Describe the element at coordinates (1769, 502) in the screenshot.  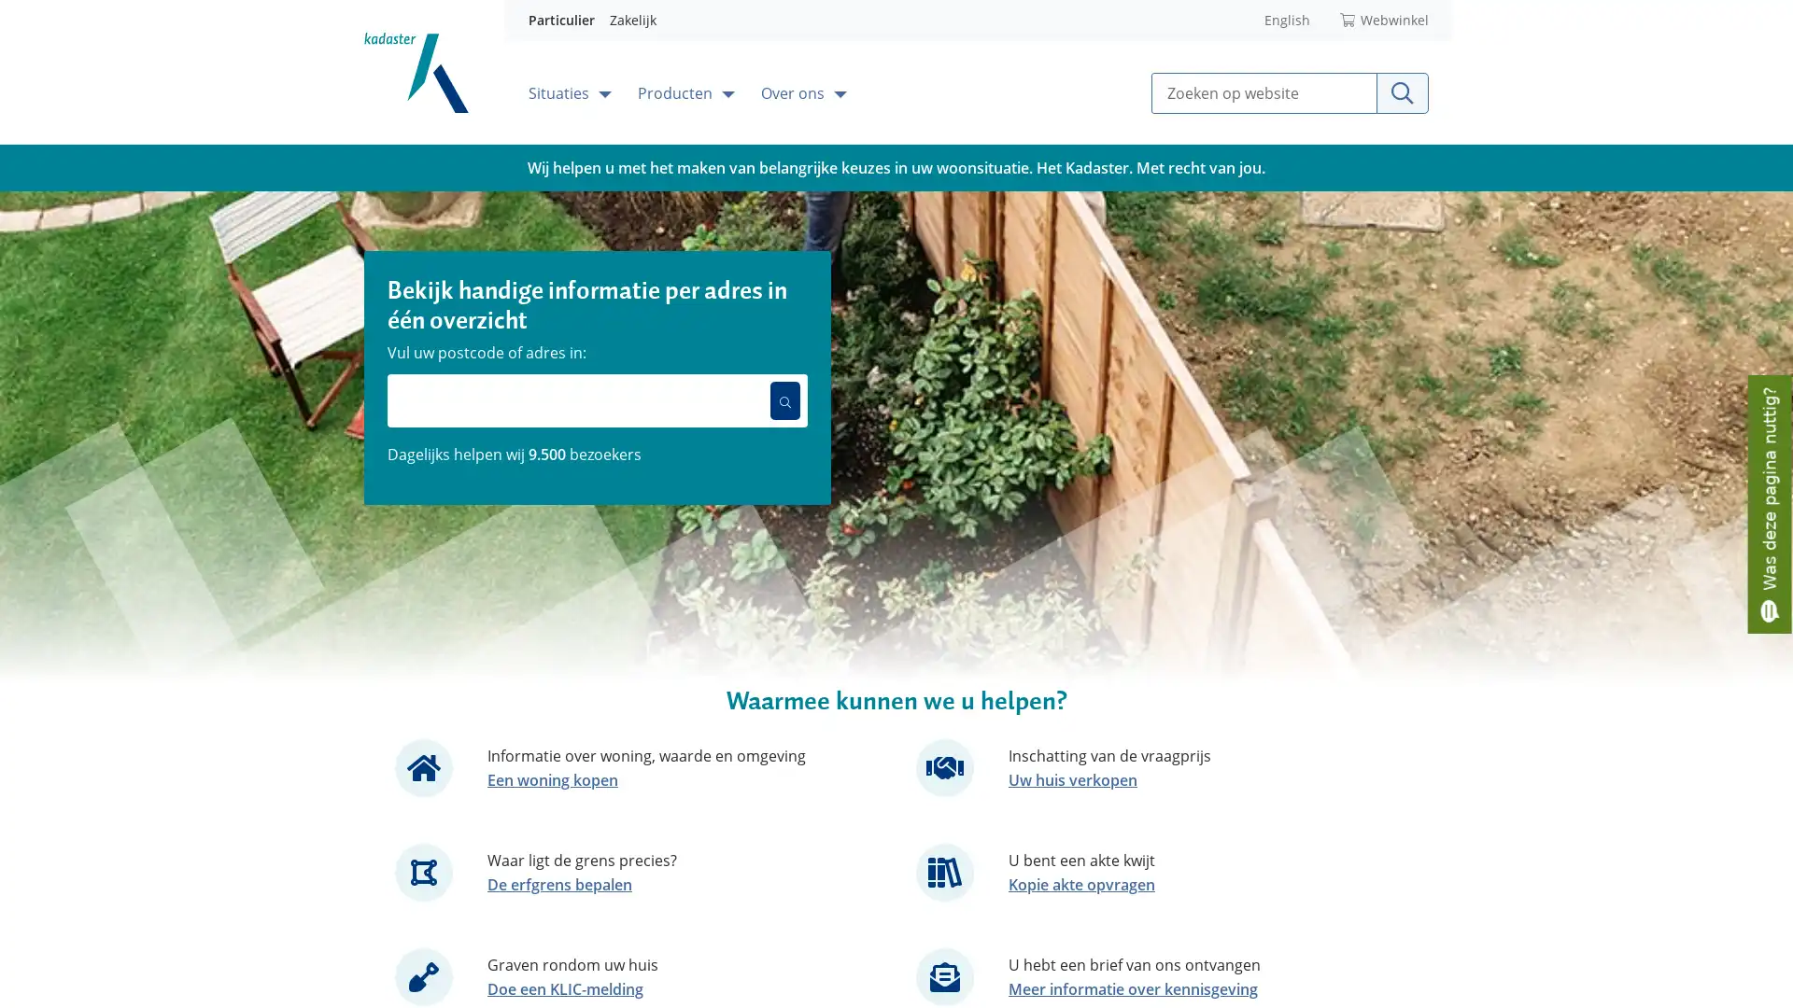
I see `Was deze pagina nuttig?` at that location.